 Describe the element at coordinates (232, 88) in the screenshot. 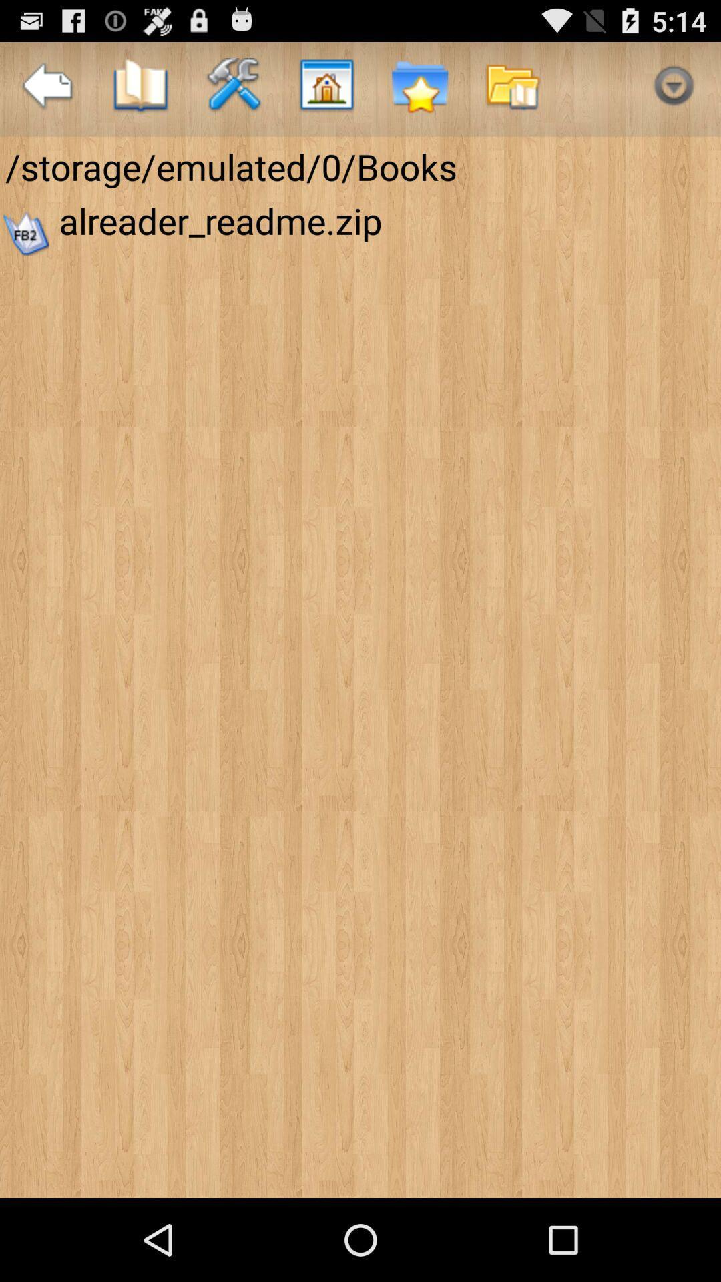

I see `the icon above storage emulated 0` at that location.